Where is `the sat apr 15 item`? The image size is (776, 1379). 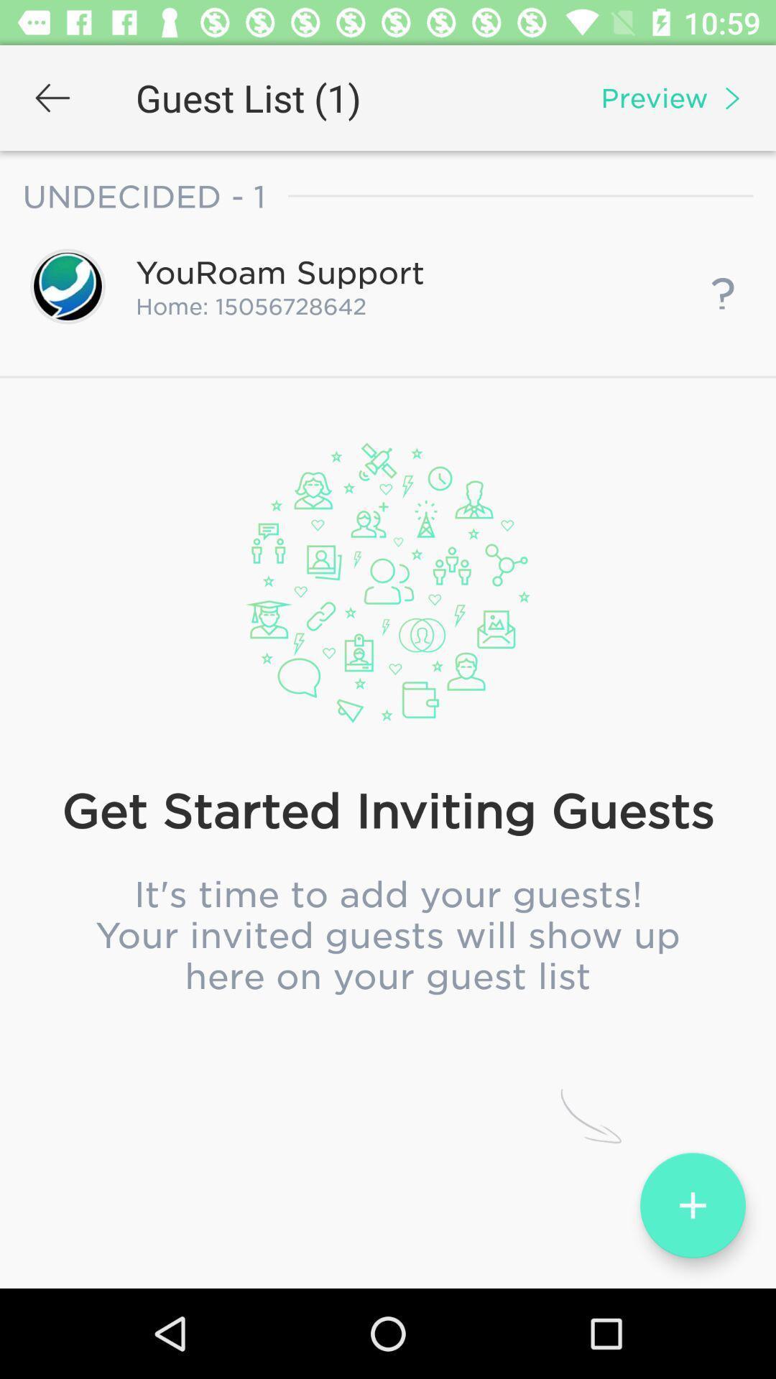 the sat apr 15 item is located at coordinates (388, 597).